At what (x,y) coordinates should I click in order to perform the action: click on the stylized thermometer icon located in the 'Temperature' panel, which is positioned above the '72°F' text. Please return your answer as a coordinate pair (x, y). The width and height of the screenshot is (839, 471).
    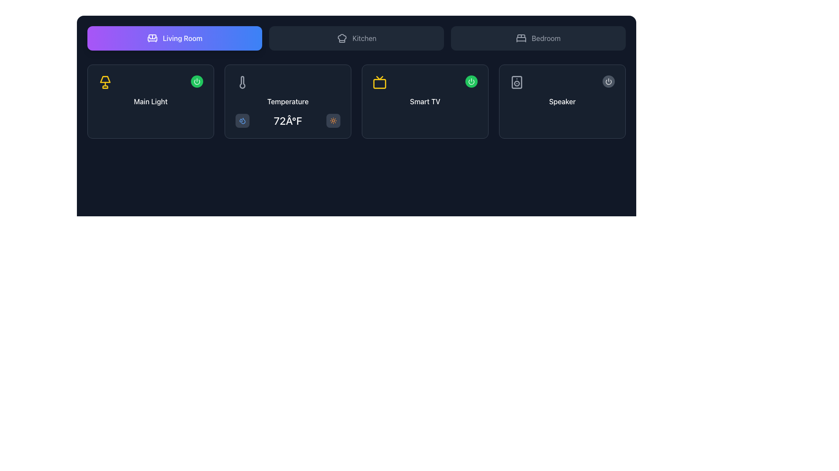
    Looking at the image, I should click on (243, 82).